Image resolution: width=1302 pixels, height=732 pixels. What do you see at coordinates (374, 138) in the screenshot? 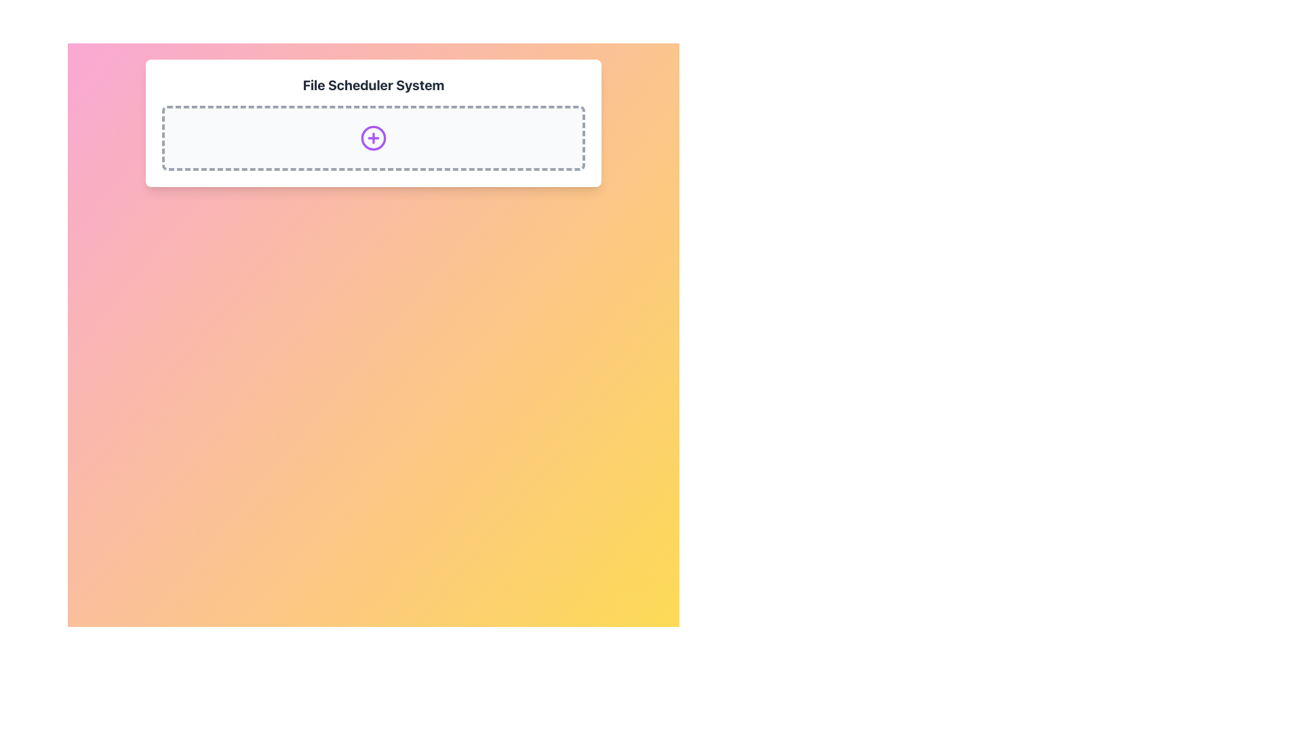
I see `the circular '+' icon button, styled in purple, located centrally within the dashed rectangular area below the title 'File Scheduler System'` at bounding box center [374, 138].